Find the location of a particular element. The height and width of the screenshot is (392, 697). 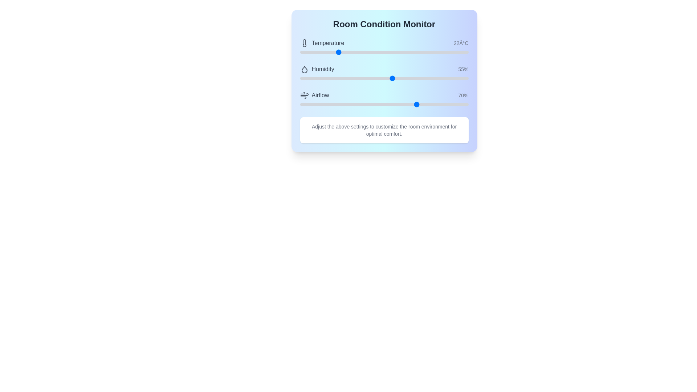

the sliders in the Interactive status display and adjustment panel is located at coordinates (384, 74).